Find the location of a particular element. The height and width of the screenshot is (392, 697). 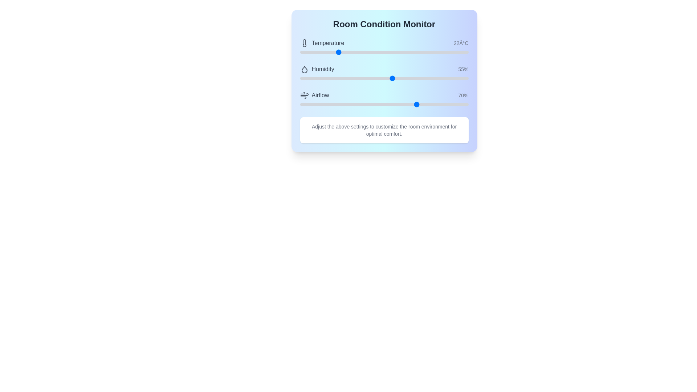

the sliders in the Interactive status display and adjustment panel is located at coordinates (384, 74).